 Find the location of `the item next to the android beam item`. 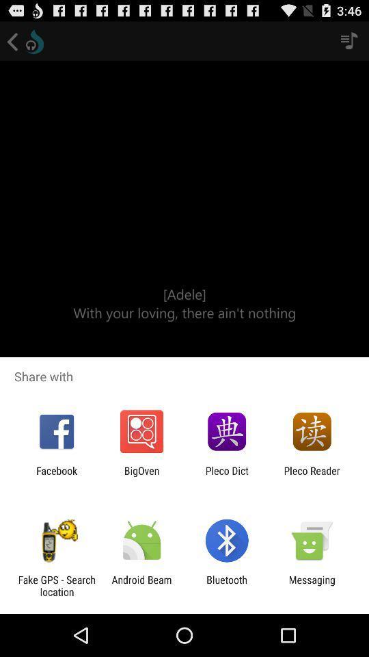

the item next to the android beam item is located at coordinates (227, 585).